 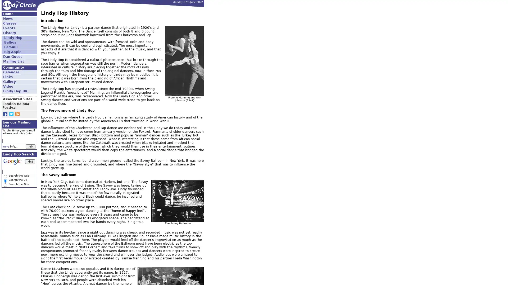 What do you see at coordinates (30, 146) in the screenshot?
I see `Join` at bounding box center [30, 146].